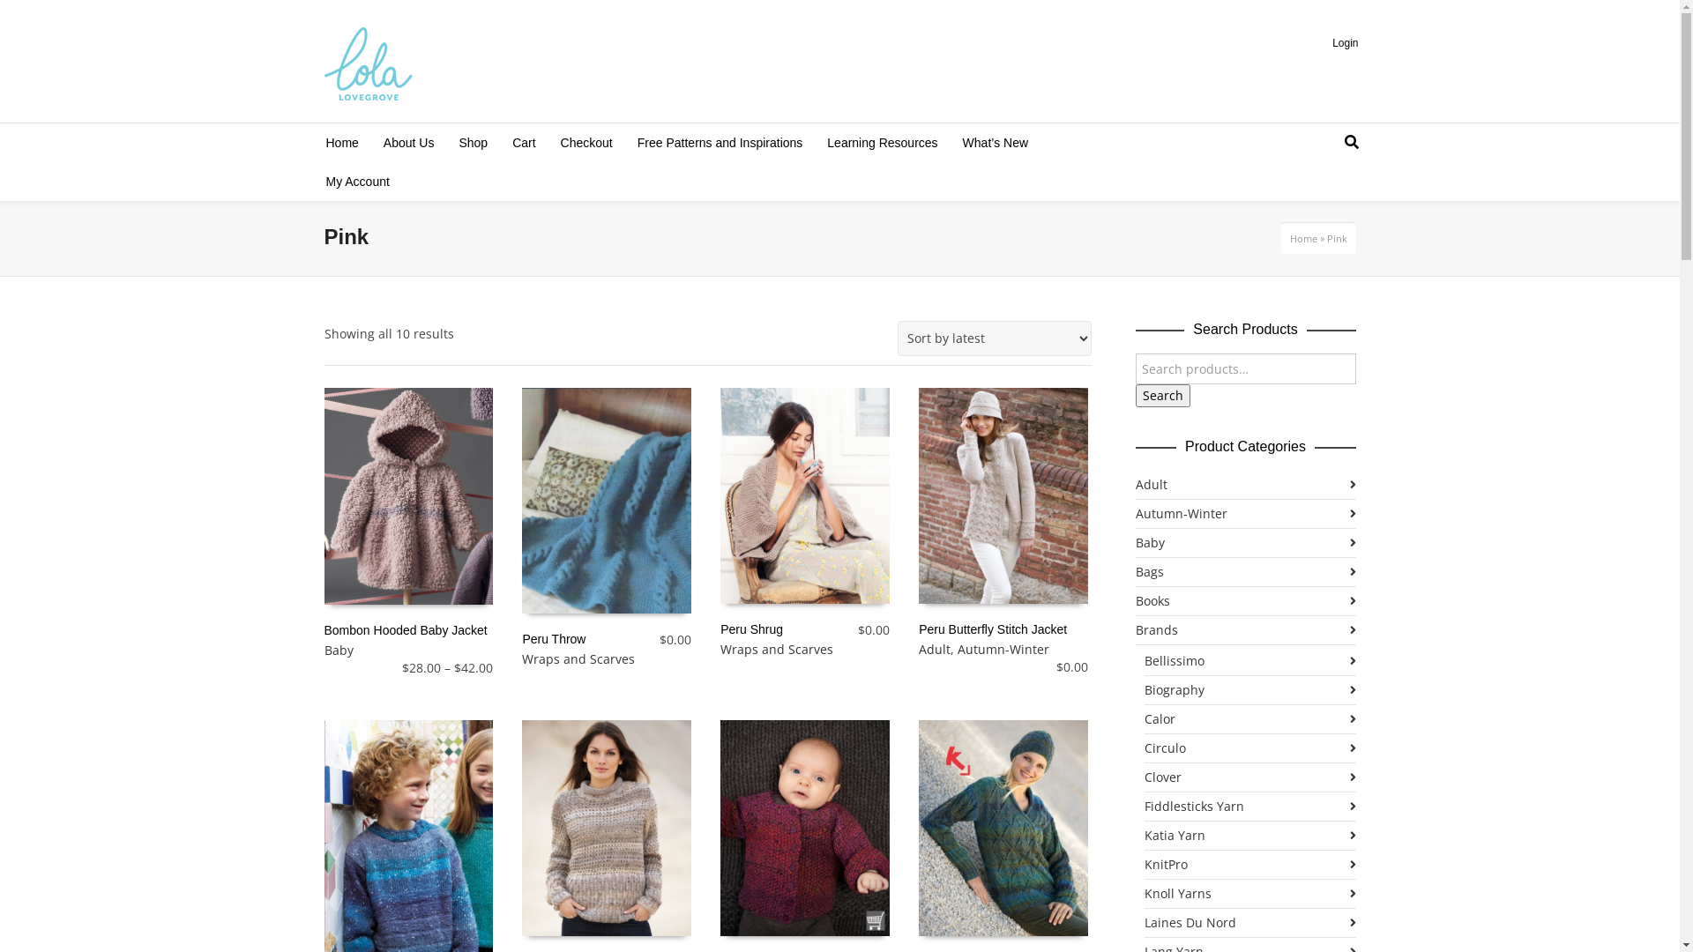 The height and width of the screenshot is (952, 1693). Describe the element at coordinates (1249, 921) in the screenshot. I see `'Laines Du Nord'` at that location.